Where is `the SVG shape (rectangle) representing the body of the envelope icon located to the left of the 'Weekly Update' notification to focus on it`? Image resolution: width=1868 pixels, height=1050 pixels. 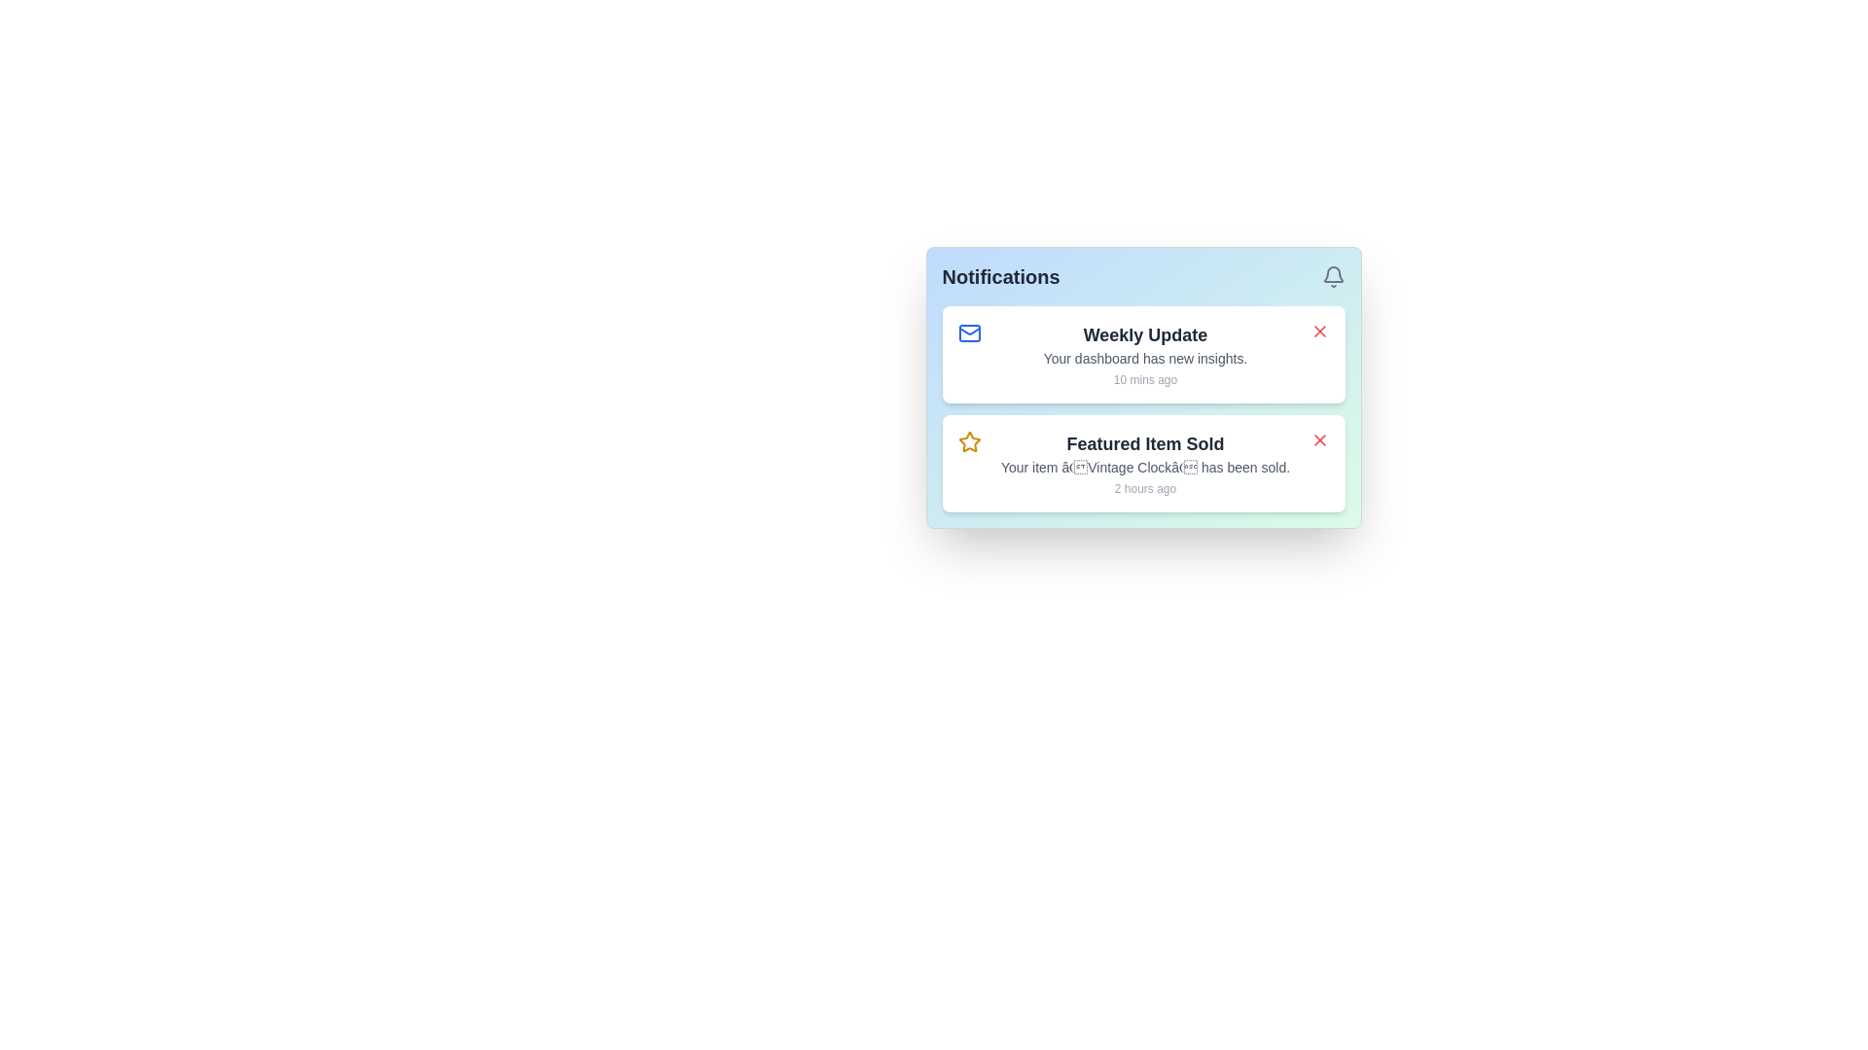 the SVG shape (rectangle) representing the body of the envelope icon located to the left of the 'Weekly Update' notification to focus on it is located at coordinates (969, 332).